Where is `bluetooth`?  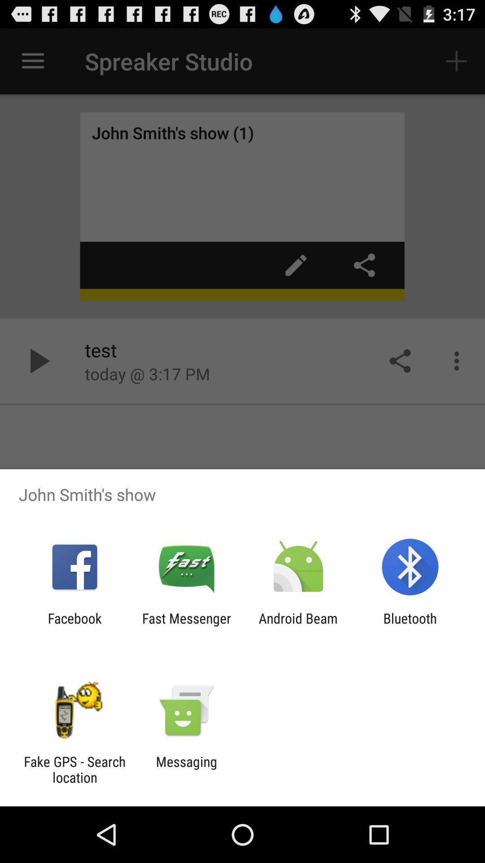 bluetooth is located at coordinates (410, 626).